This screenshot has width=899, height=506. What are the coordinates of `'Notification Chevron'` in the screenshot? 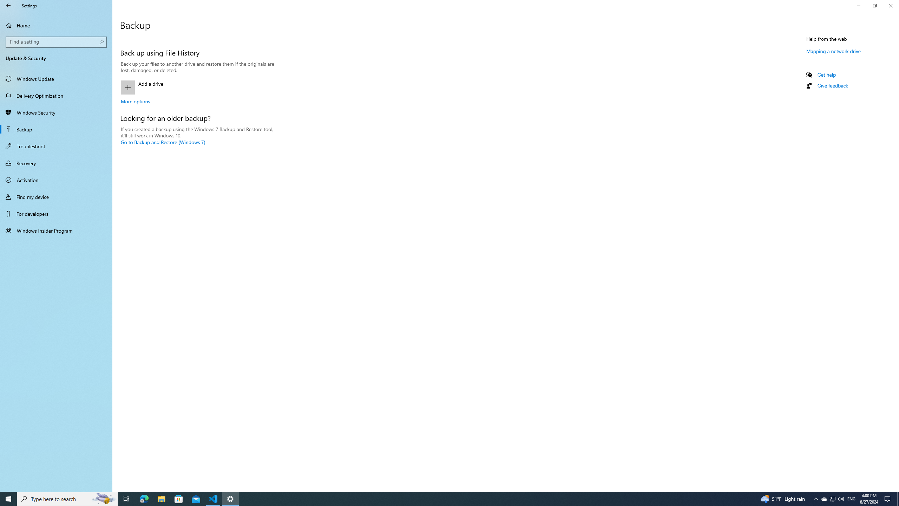 It's located at (816, 498).